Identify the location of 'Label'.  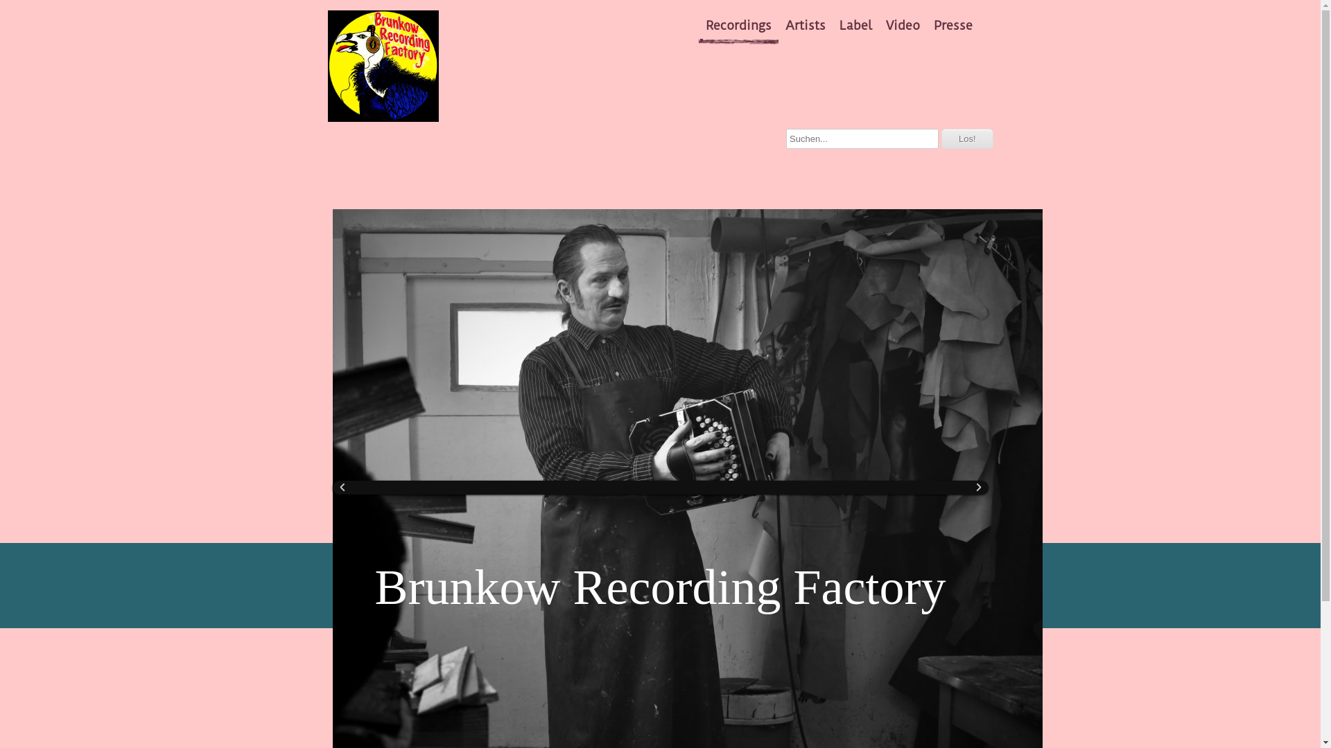
(855, 26).